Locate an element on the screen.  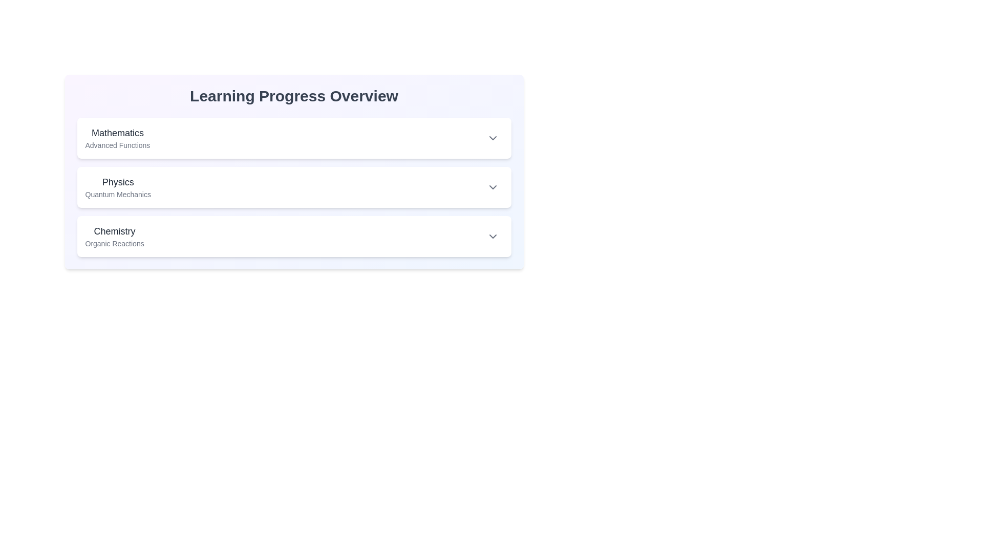
the 'Mathematics' category heading text label located in the top-left corner of the 'Mathematics Advanced Functions' section is located at coordinates (118, 132).